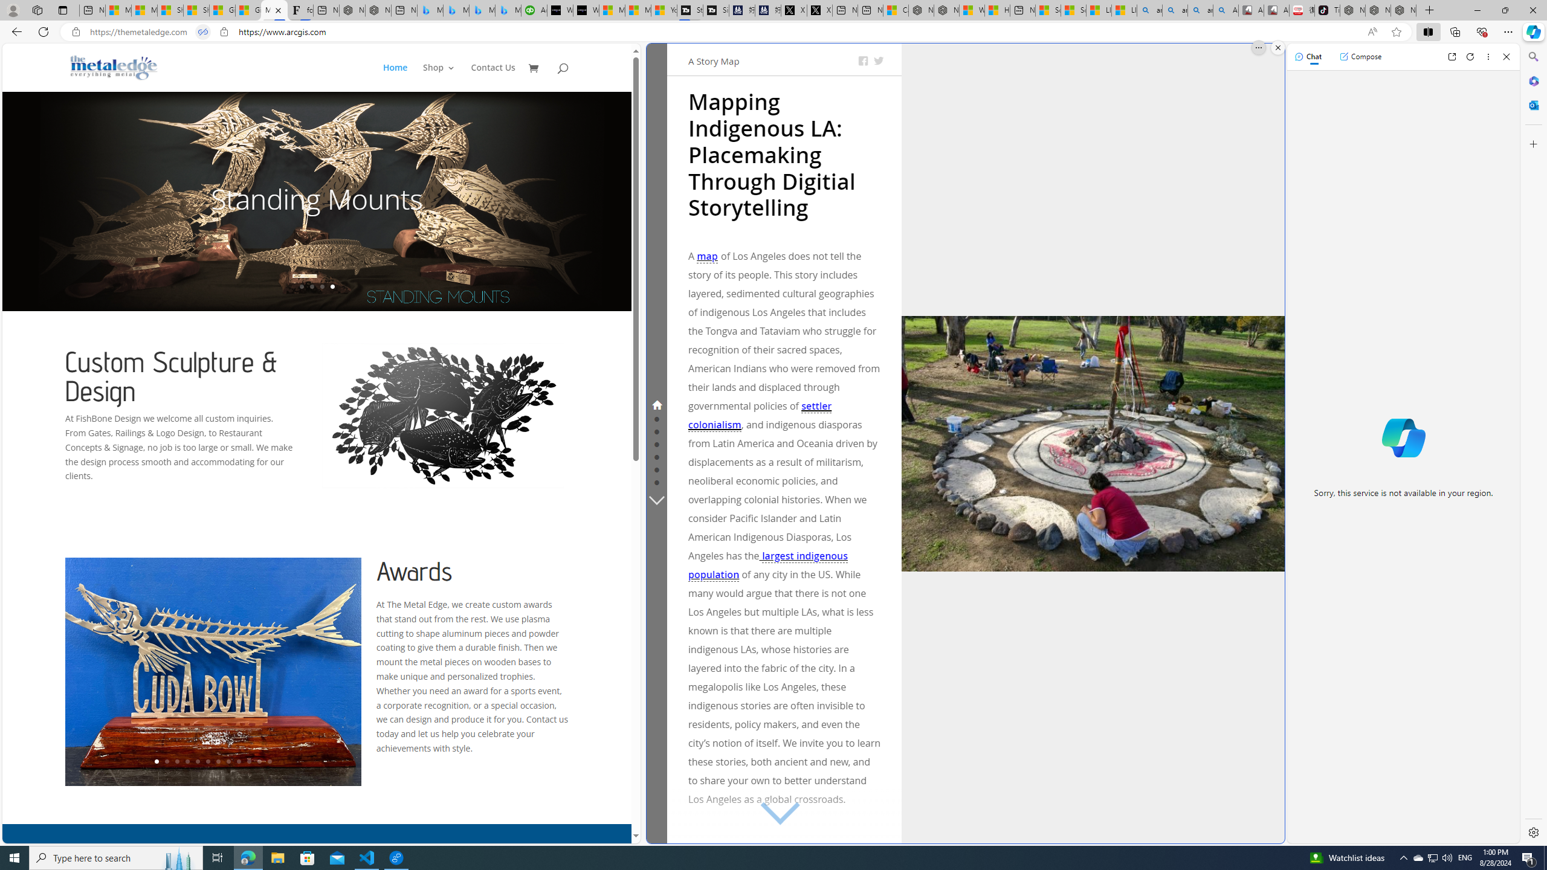 Image resolution: width=1547 pixels, height=870 pixels. What do you see at coordinates (656, 468) in the screenshot?
I see `'Go to section 6: Pacific Islanders of Los Angeles '` at bounding box center [656, 468].